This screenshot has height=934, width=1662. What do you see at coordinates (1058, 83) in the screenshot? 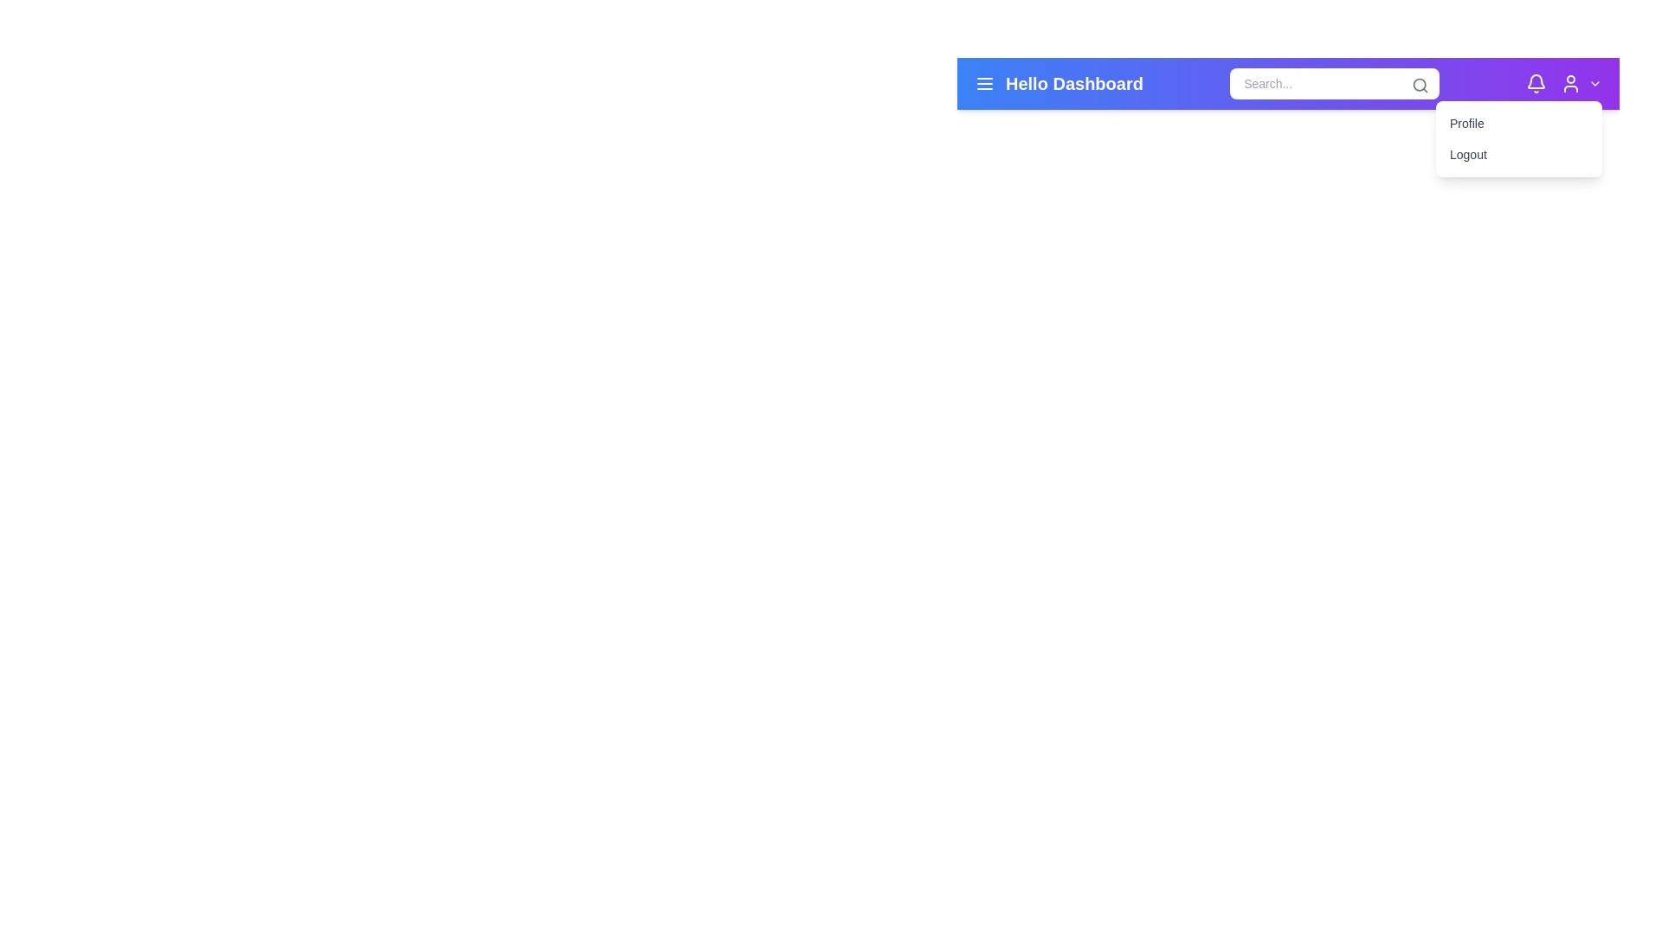
I see `the static text label, which serves as a header or greeting label on the navigation bar, positioned next to the menu icon` at bounding box center [1058, 83].